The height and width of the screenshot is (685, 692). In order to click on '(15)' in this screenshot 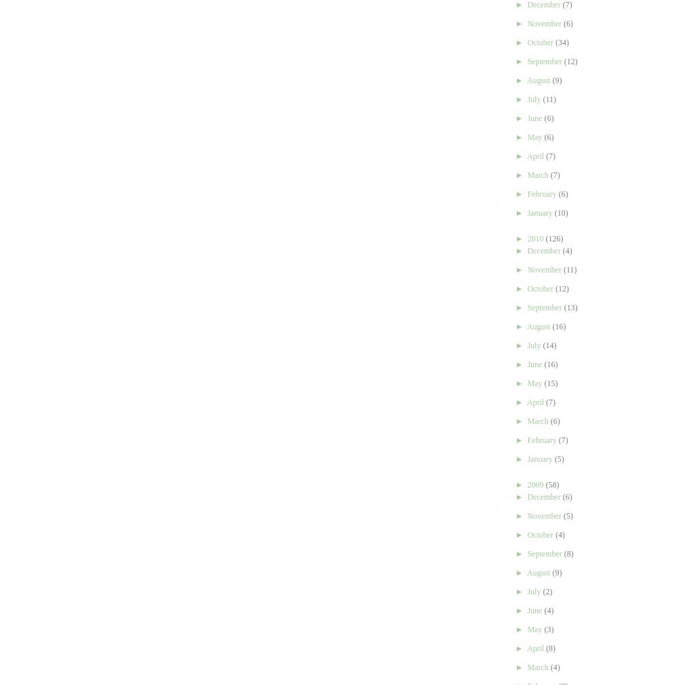, I will do `click(550, 383)`.